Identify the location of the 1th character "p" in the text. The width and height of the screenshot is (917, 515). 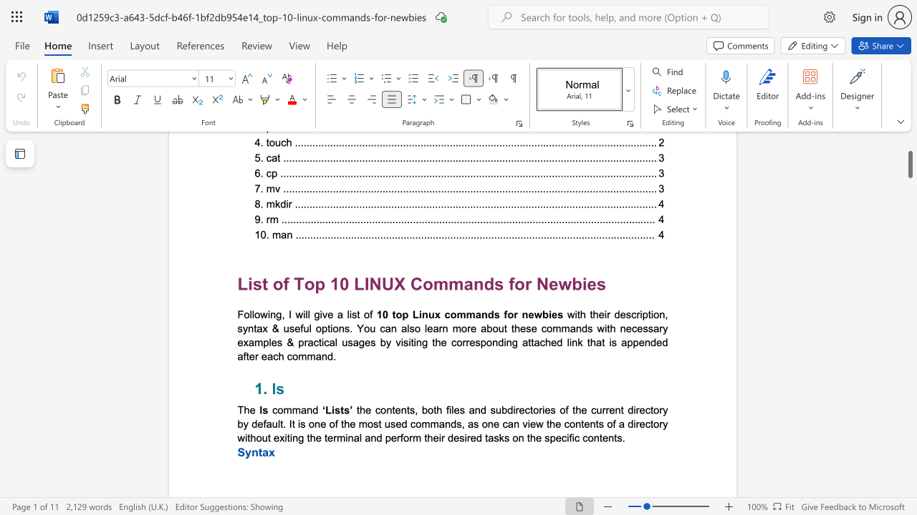
(404, 313).